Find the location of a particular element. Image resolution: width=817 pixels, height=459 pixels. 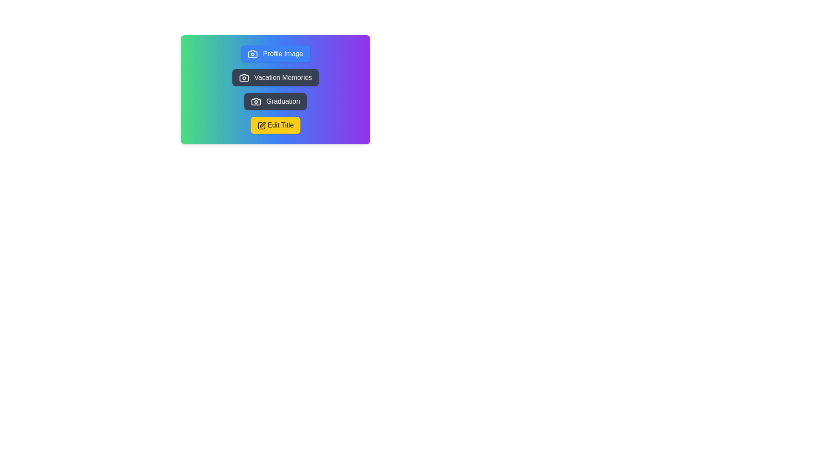

the camera icon within the rounded dark-gray button labeled 'Graduation' is located at coordinates (255, 101).